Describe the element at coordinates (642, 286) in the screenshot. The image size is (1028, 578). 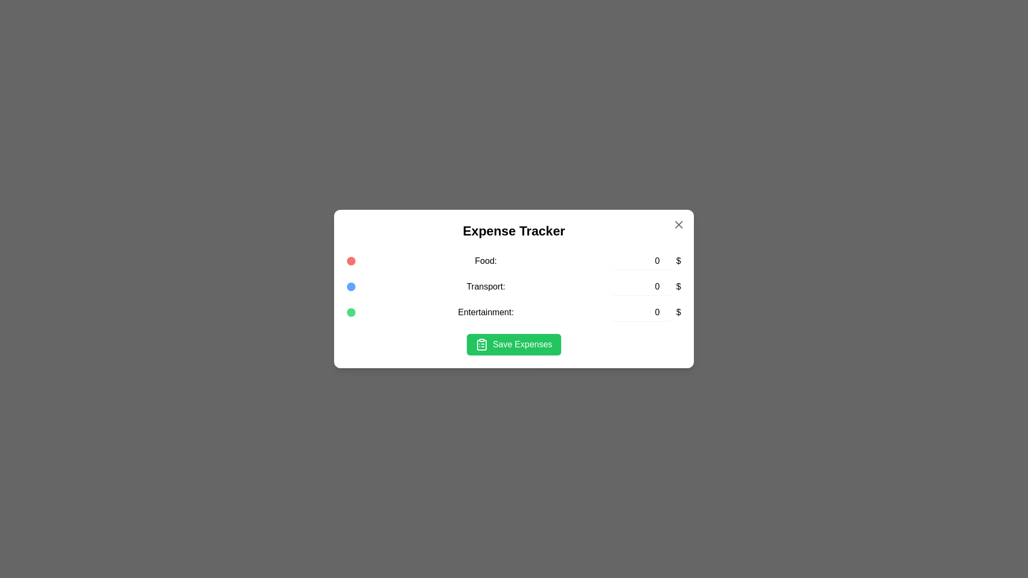
I see `the expense amount for the 'Transport' category to 2983` at that location.